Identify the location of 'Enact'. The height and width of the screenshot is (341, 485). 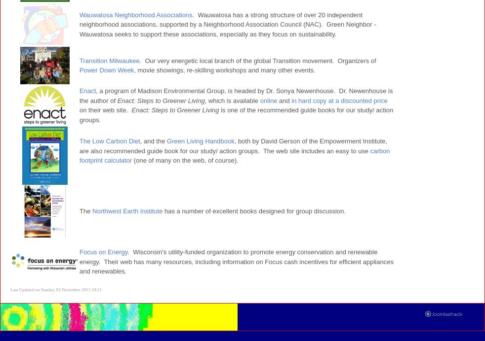
(87, 91).